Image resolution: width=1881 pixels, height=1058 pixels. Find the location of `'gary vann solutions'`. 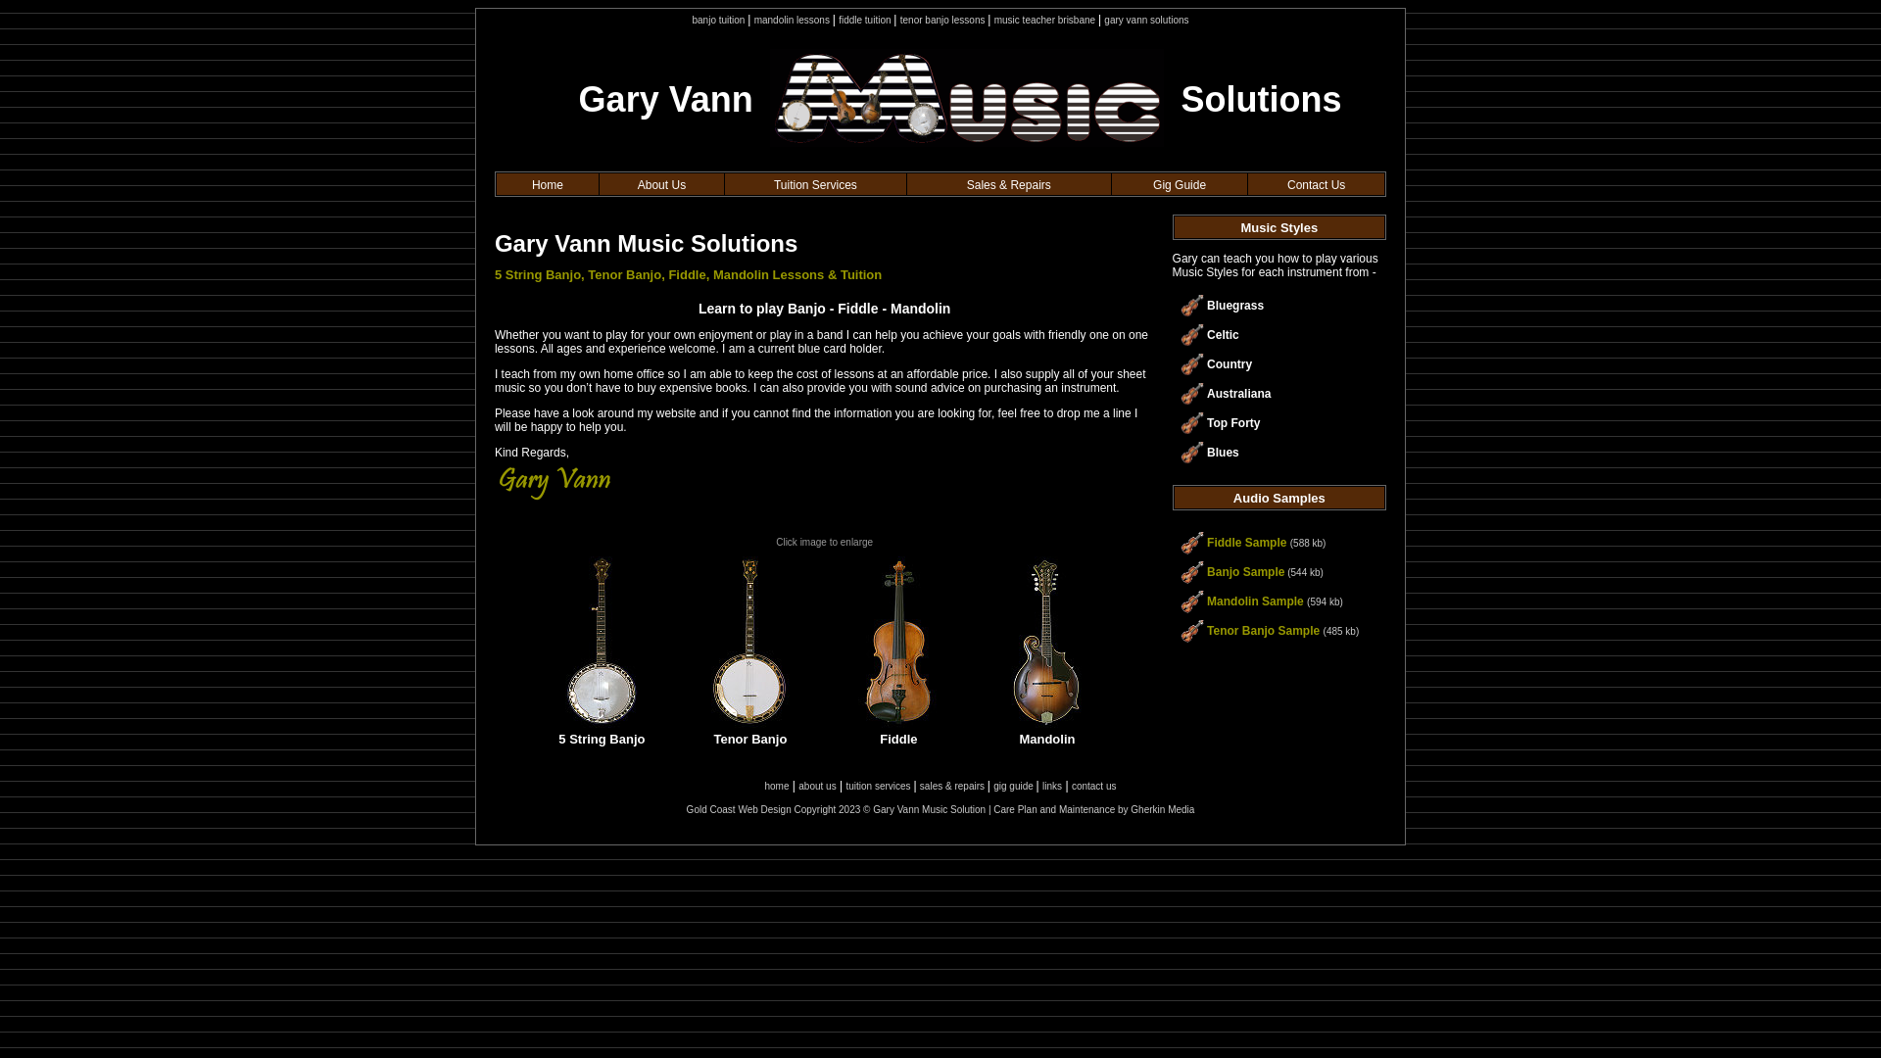

'gary vann solutions' is located at coordinates (1104, 20).